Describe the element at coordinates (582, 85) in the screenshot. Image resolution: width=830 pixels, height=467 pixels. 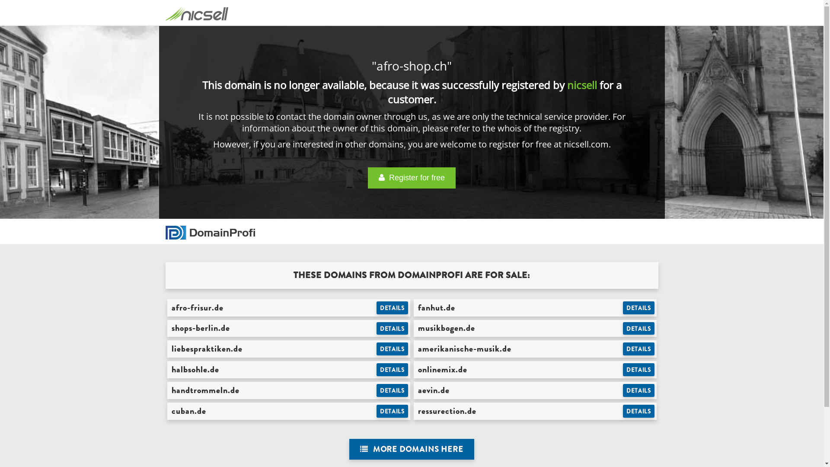
I see `'nicsell'` at that location.